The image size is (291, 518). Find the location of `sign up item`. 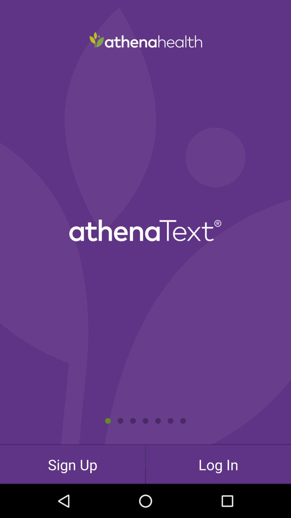

sign up item is located at coordinates (72, 464).